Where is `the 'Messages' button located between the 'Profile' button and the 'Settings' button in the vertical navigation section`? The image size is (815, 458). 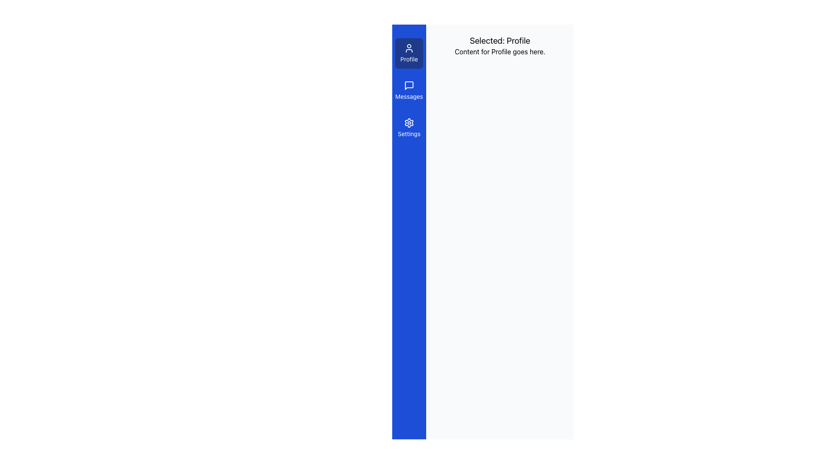 the 'Messages' button located between the 'Profile' button and the 'Settings' button in the vertical navigation section is located at coordinates (409, 90).